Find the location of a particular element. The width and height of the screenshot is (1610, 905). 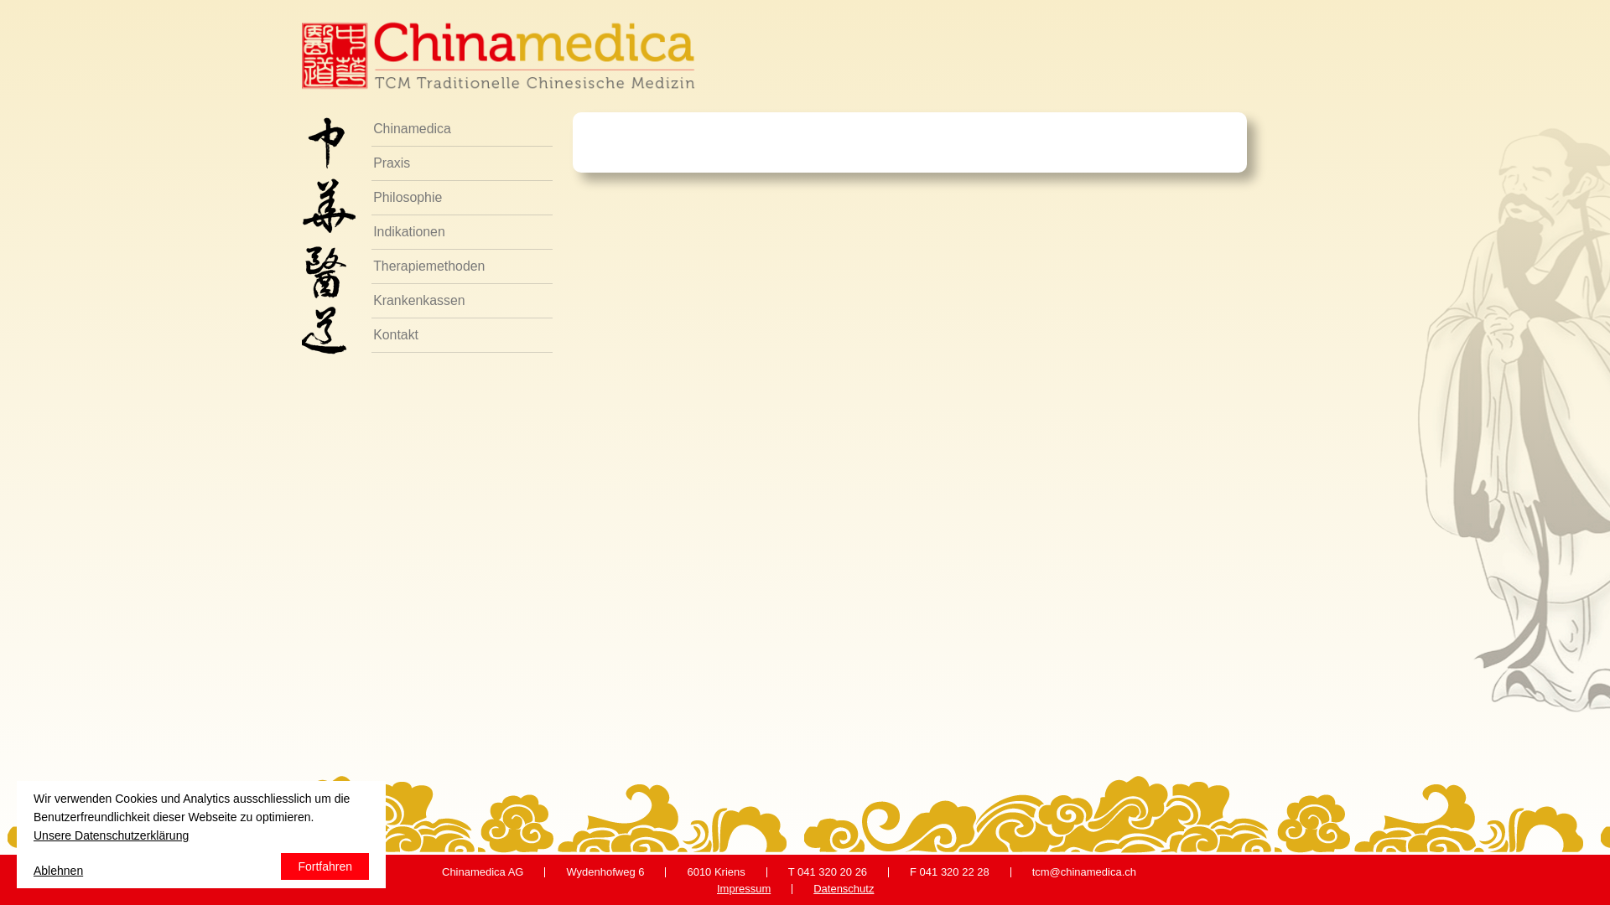

'Praxis' is located at coordinates (462, 163).